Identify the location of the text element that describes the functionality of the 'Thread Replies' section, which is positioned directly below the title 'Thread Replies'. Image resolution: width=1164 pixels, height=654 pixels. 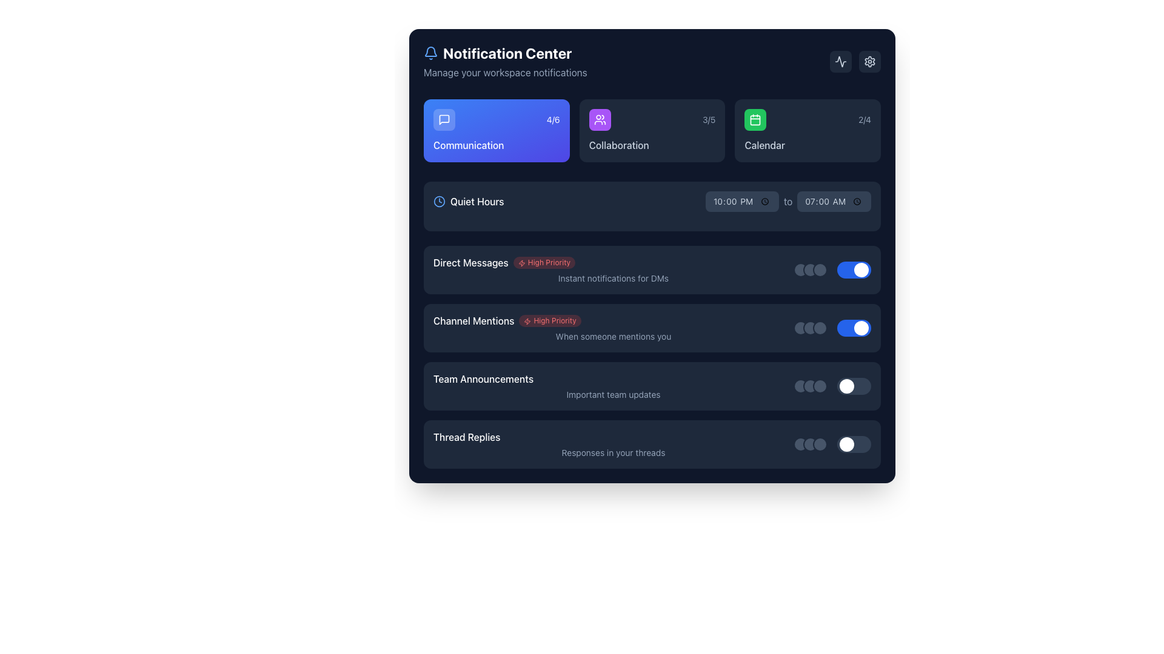
(614, 453).